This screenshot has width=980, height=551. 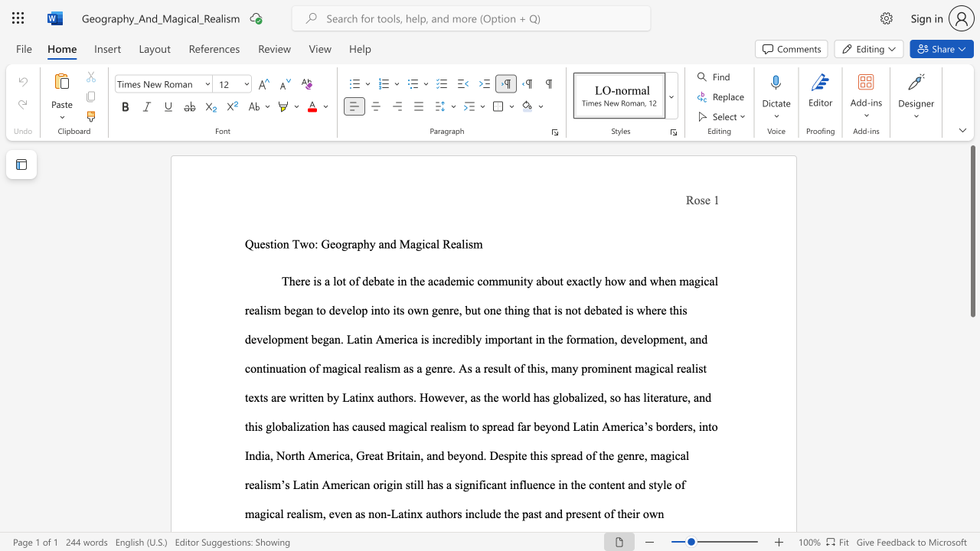 What do you see at coordinates (972, 375) in the screenshot?
I see `the right-hand scrollbar to descend the page` at bounding box center [972, 375].